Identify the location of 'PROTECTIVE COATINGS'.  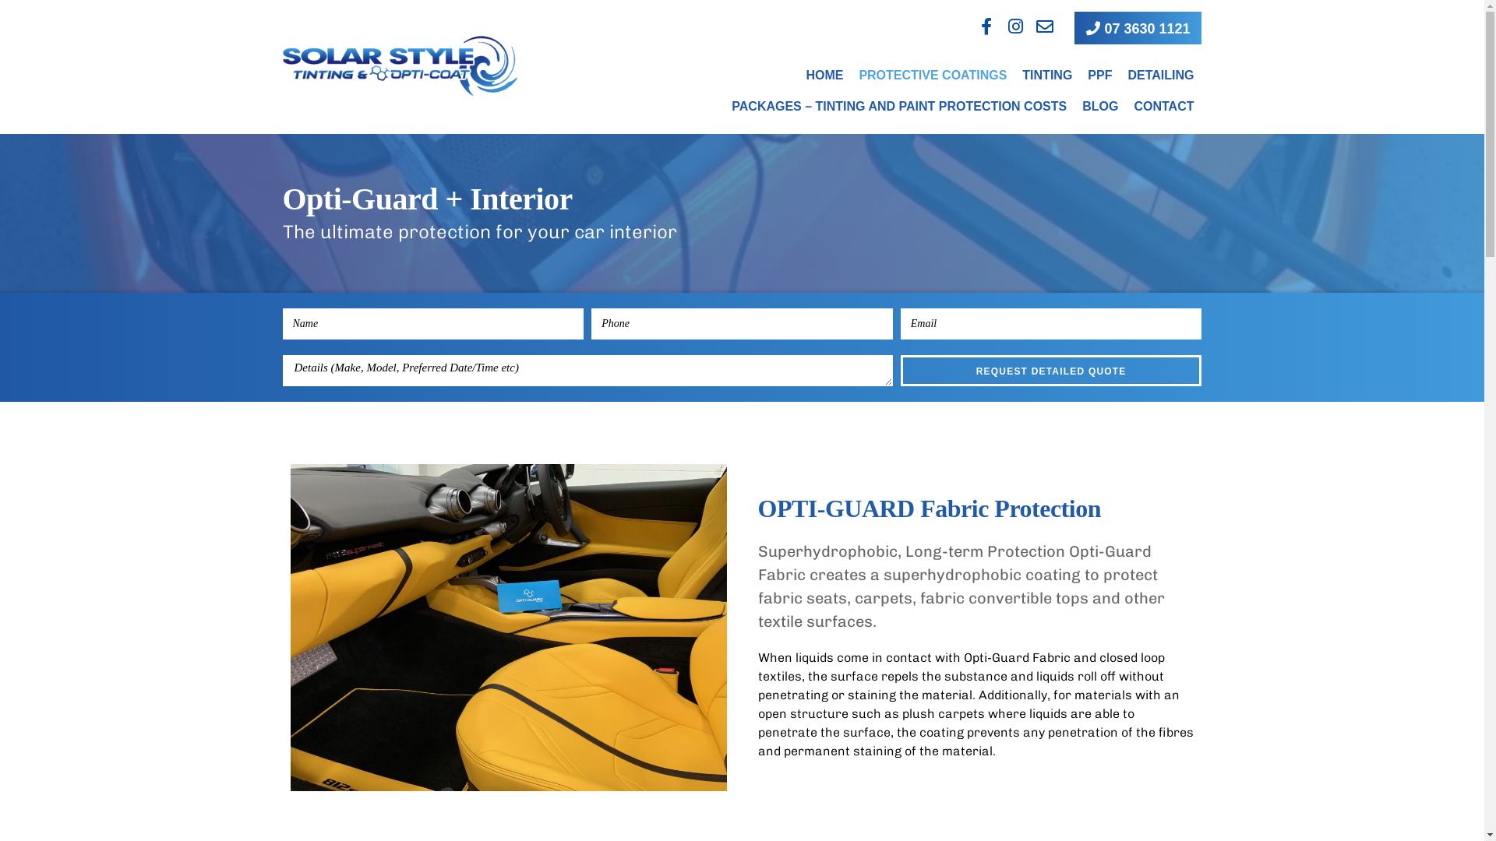
(932, 75).